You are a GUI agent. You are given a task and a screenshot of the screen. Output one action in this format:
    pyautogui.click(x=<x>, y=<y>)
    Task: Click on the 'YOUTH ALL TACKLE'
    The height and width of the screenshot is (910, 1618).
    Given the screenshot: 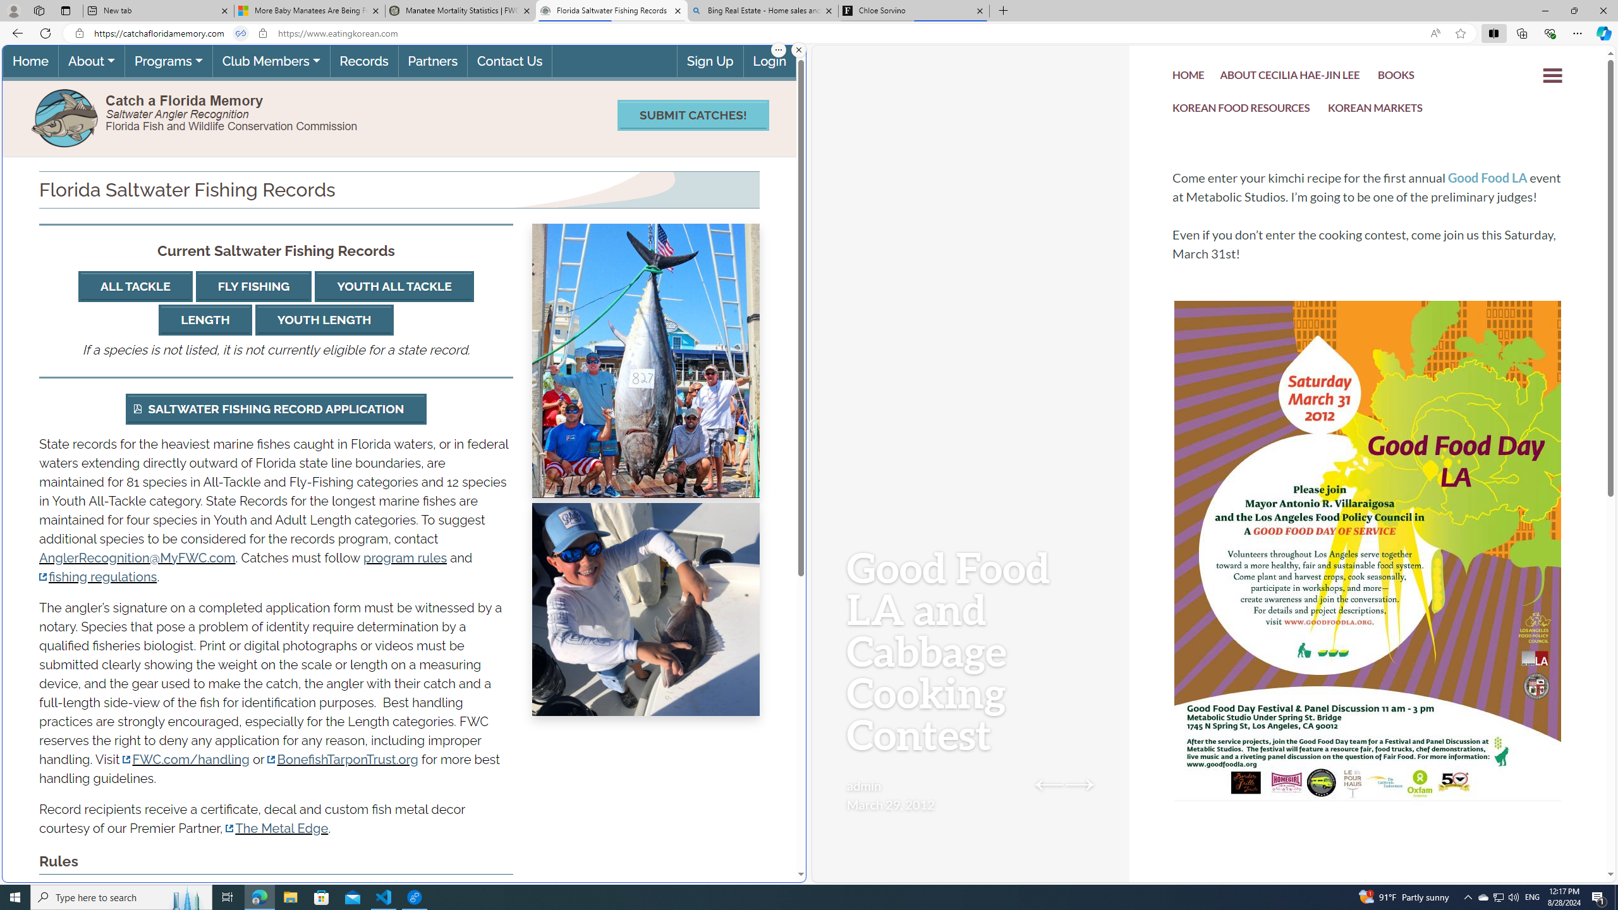 What is the action you would take?
    pyautogui.click(x=394, y=286)
    